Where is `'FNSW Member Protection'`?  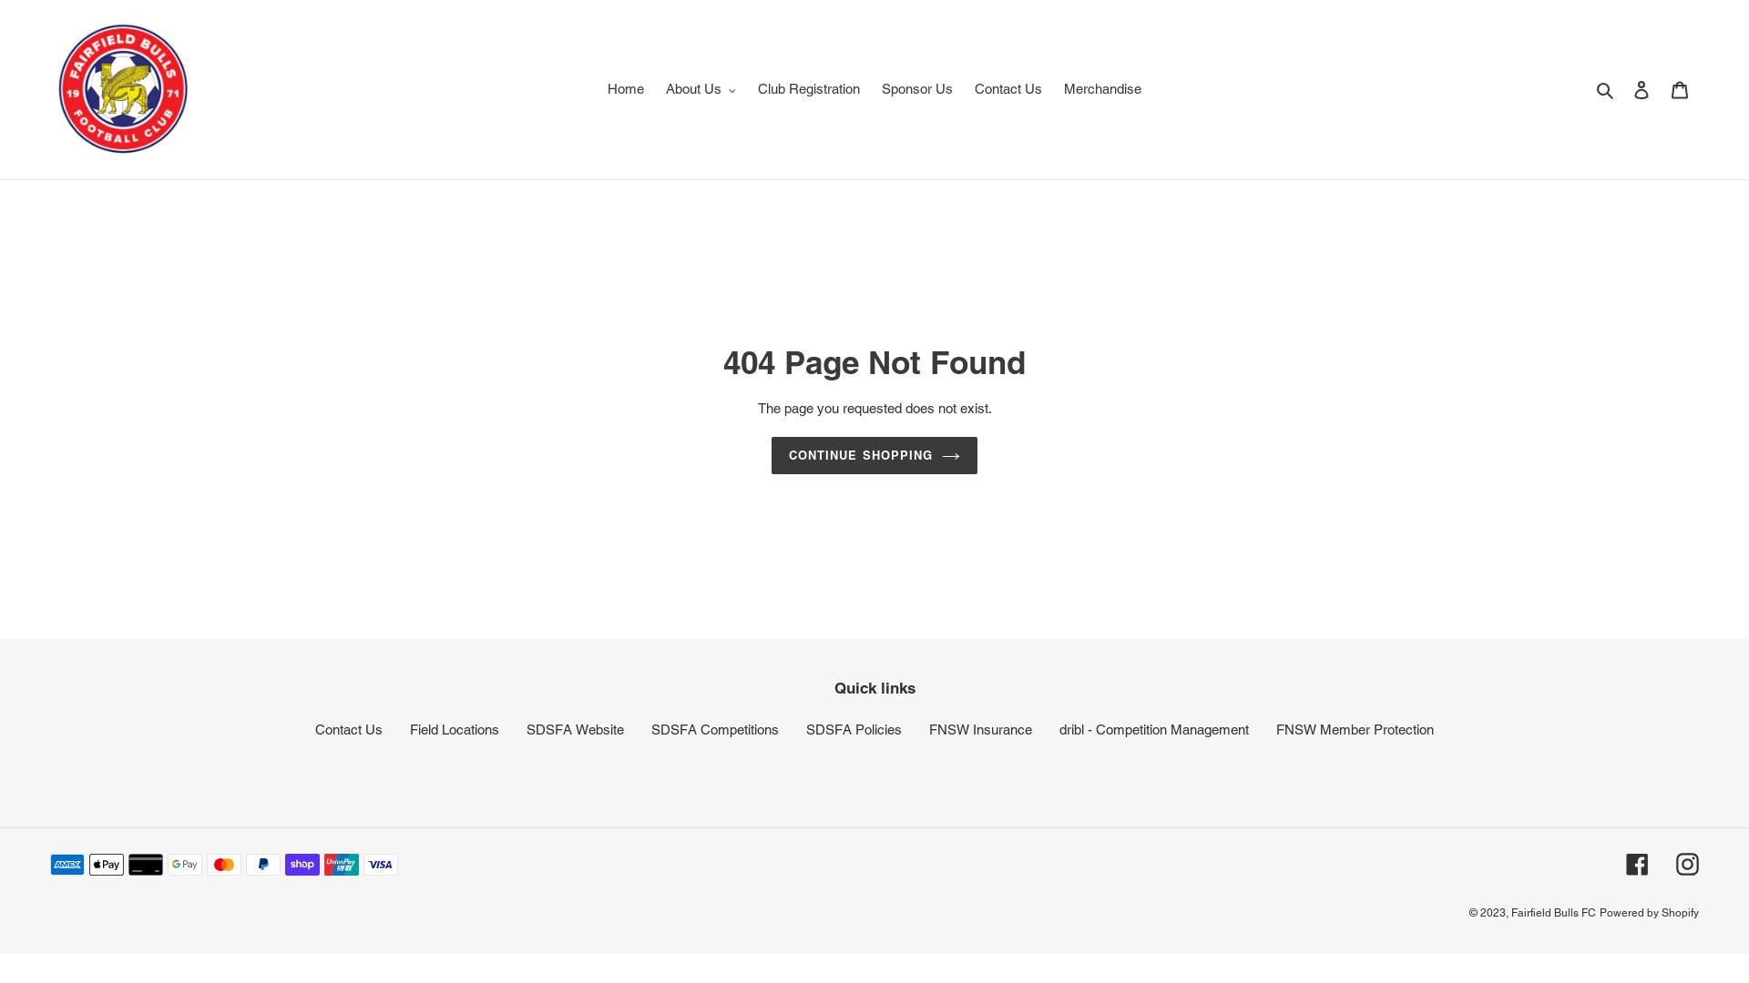 'FNSW Member Protection' is located at coordinates (1355, 728).